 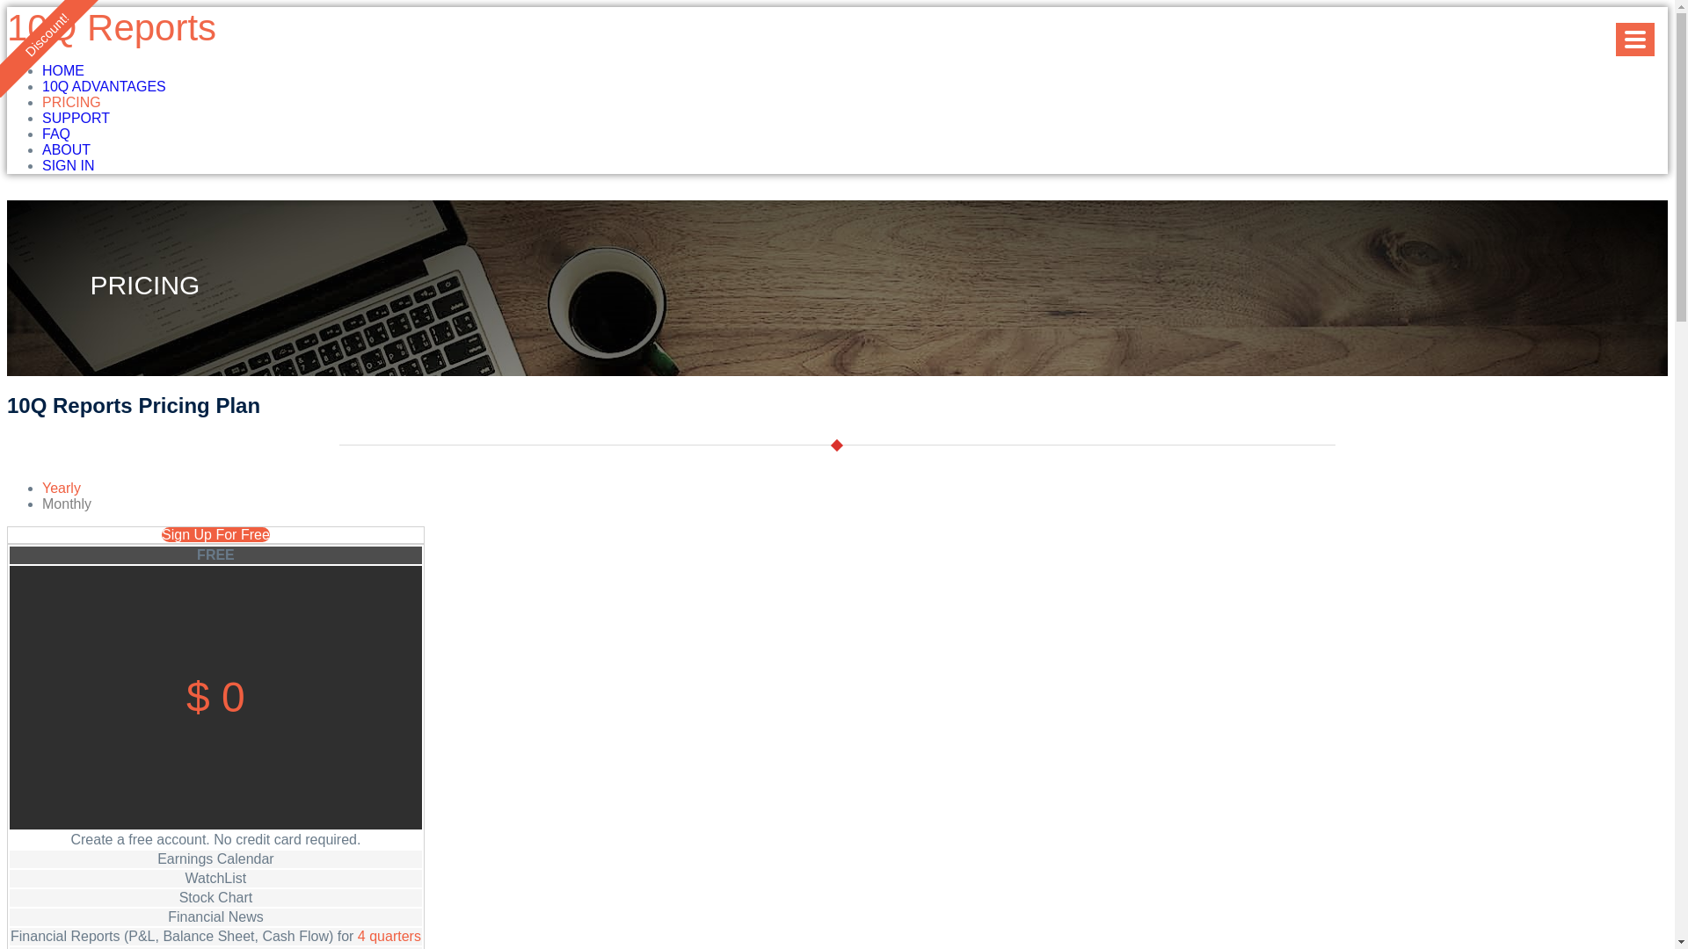 What do you see at coordinates (66, 149) in the screenshot?
I see `'ABOUT'` at bounding box center [66, 149].